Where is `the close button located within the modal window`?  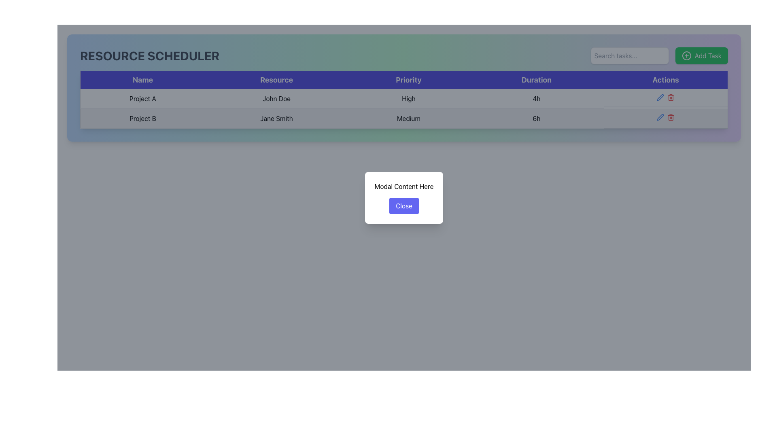
the close button located within the modal window is located at coordinates (404, 205).